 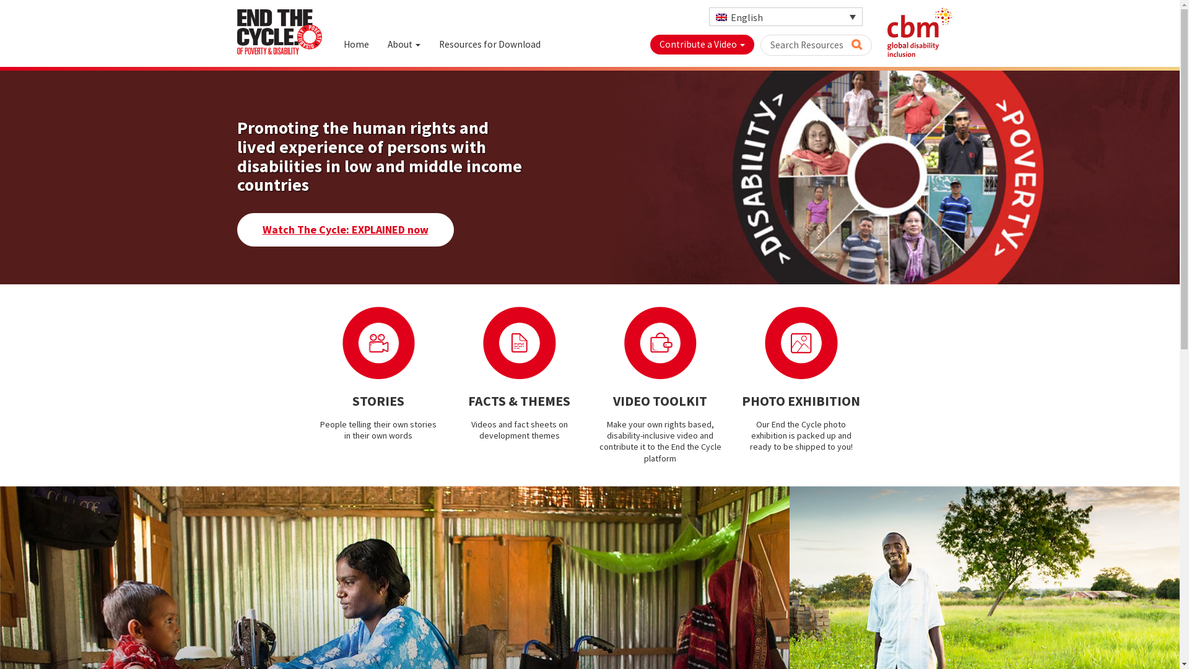 What do you see at coordinates (355, 44) in the screenshot?
I see `'Home'` at bounding box center [355, 44].